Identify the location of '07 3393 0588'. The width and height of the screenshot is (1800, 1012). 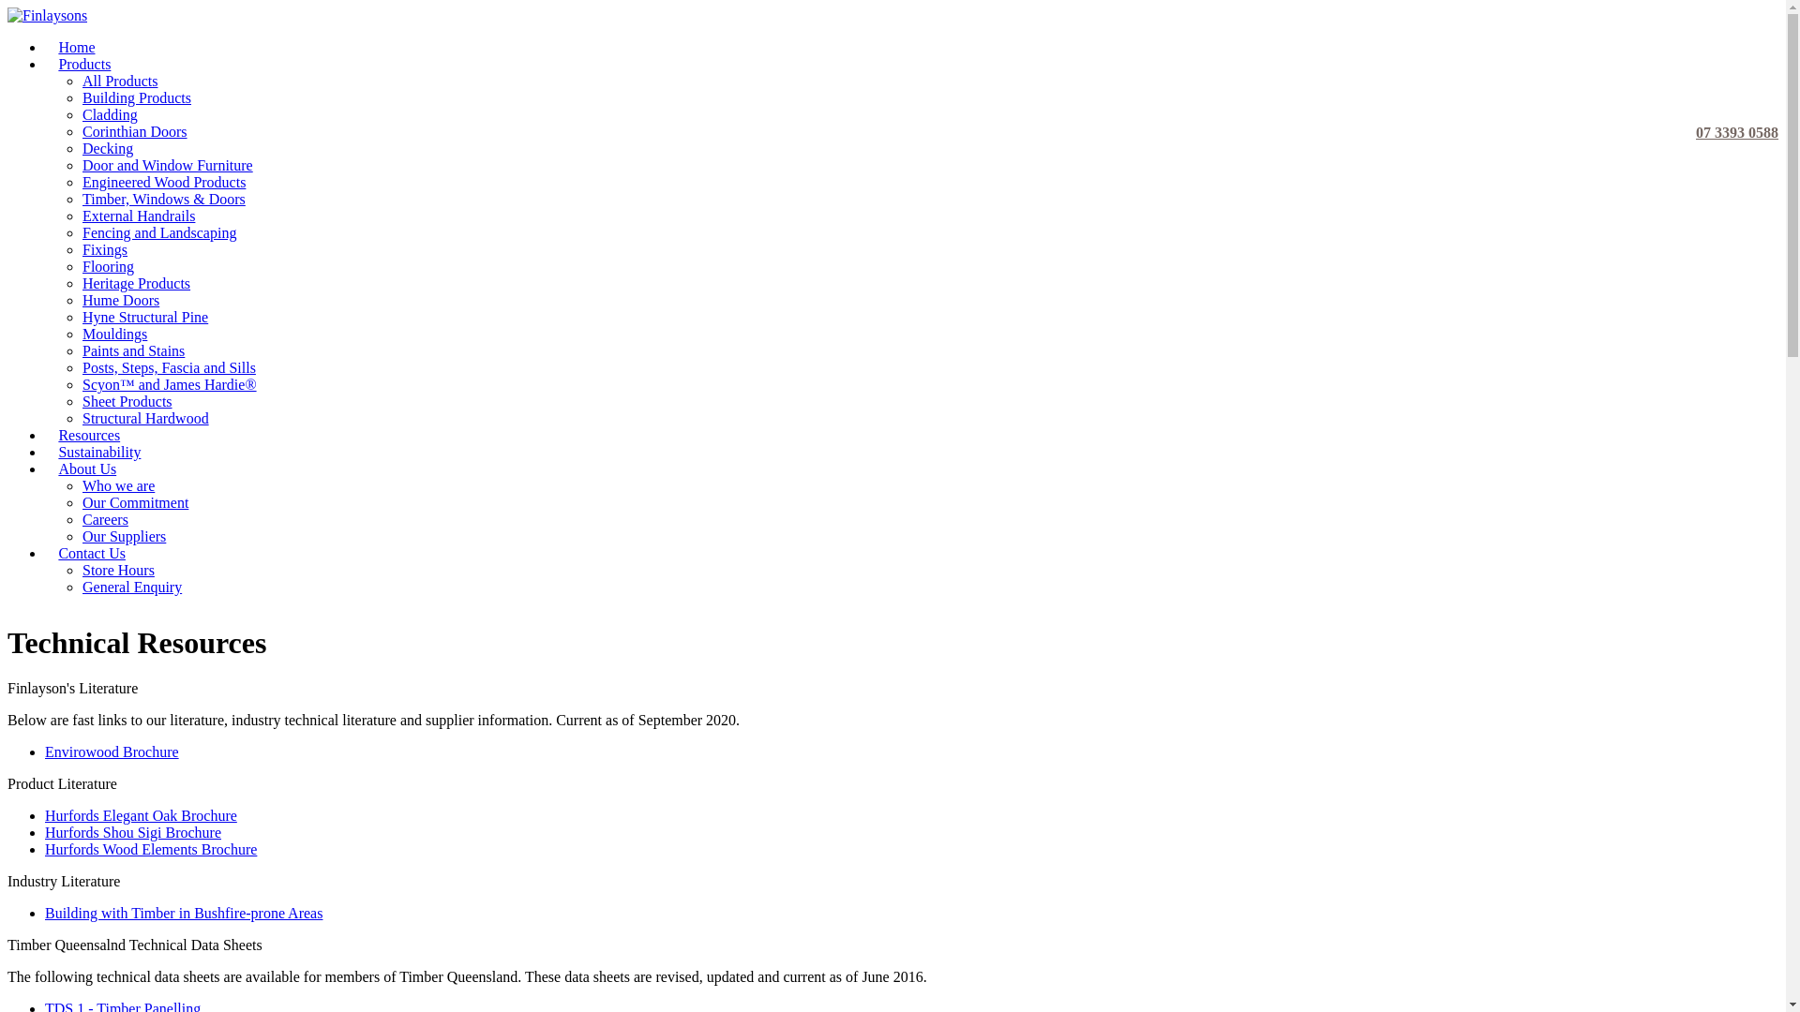
(1732, 95).